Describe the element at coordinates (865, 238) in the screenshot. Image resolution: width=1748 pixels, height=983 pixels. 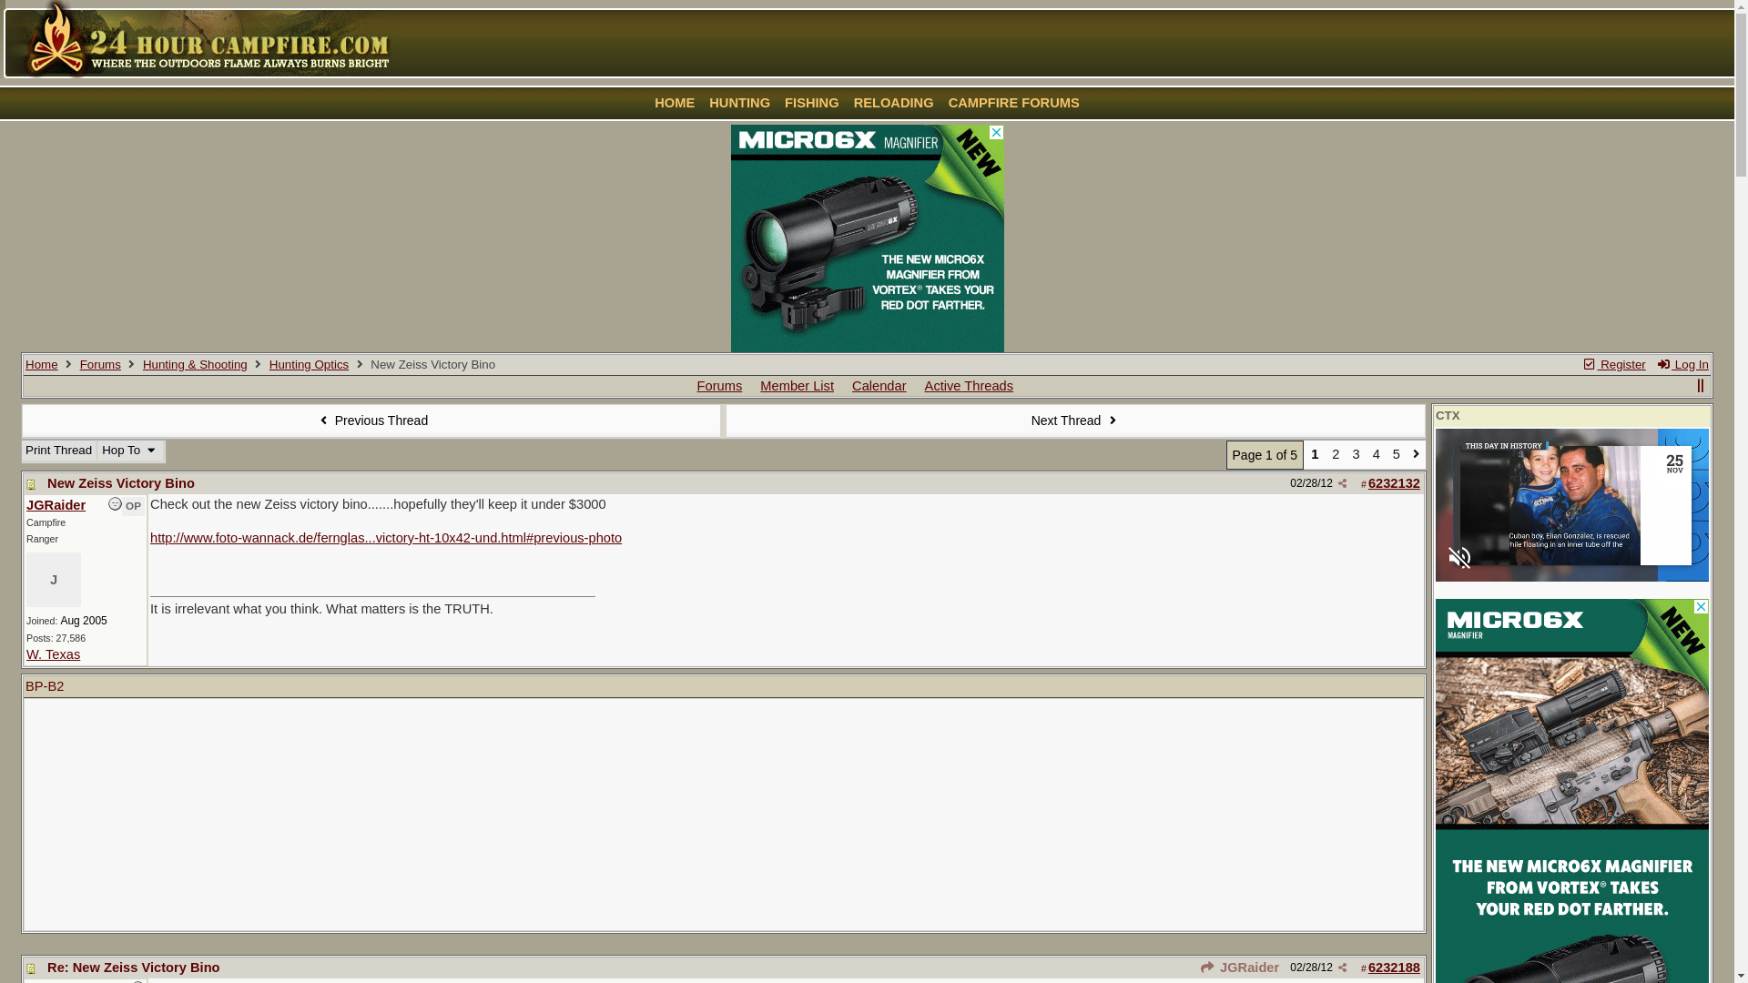
I see `'3rd party ad content'` at that location.